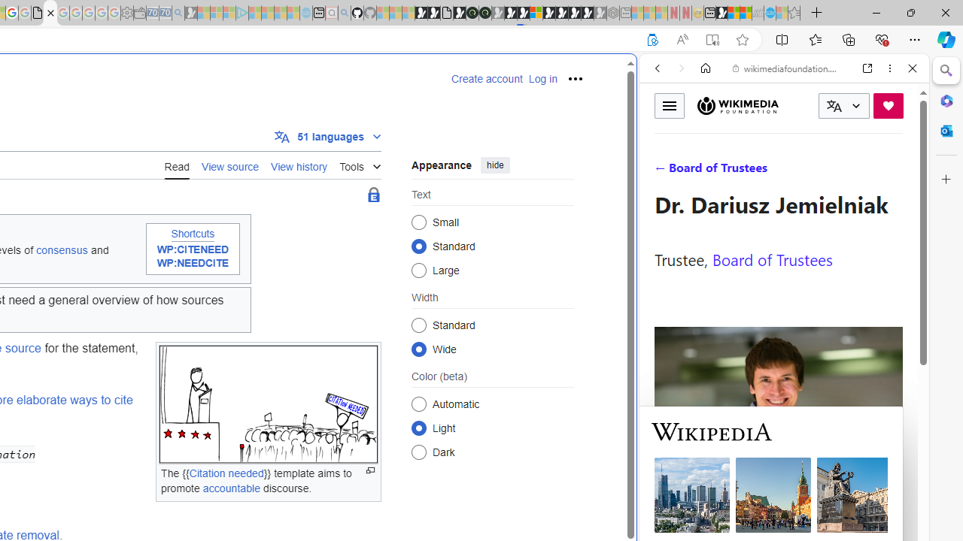  I want to click on 'WP:CITENEED', so click(192, 249).